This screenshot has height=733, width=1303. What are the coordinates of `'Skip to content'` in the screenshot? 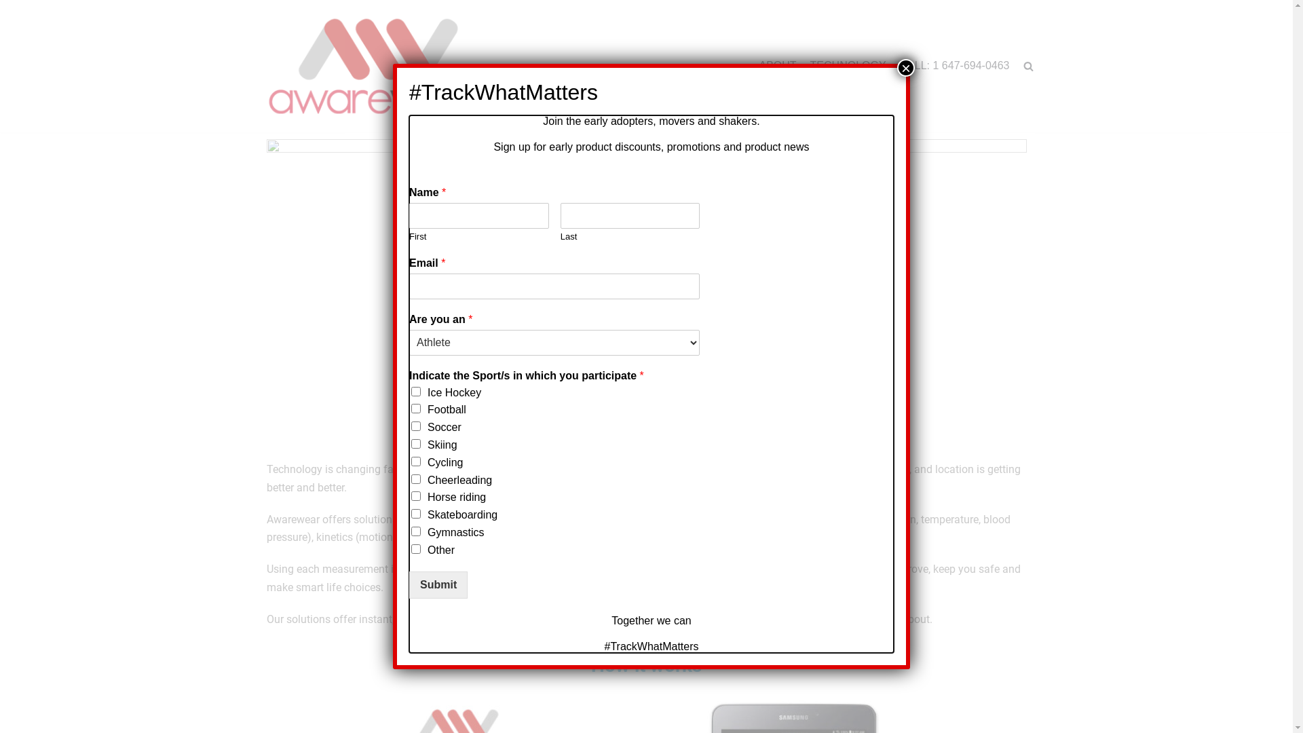 It's located at (13, 7).